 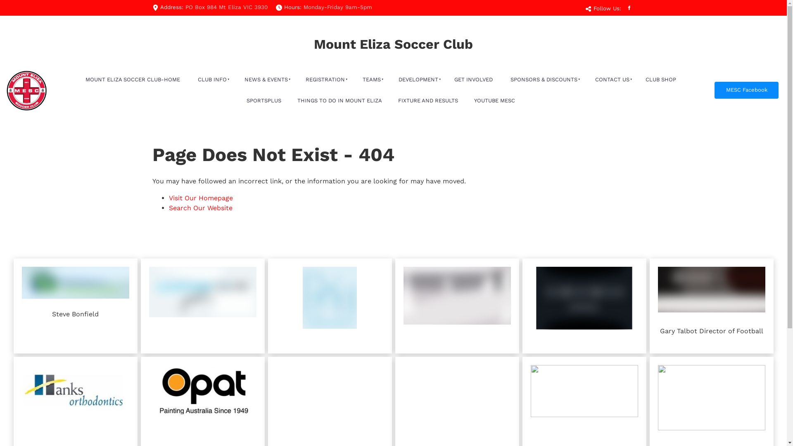 I want to click on 'DEVELOPMENT', so click(x=417, y=80).